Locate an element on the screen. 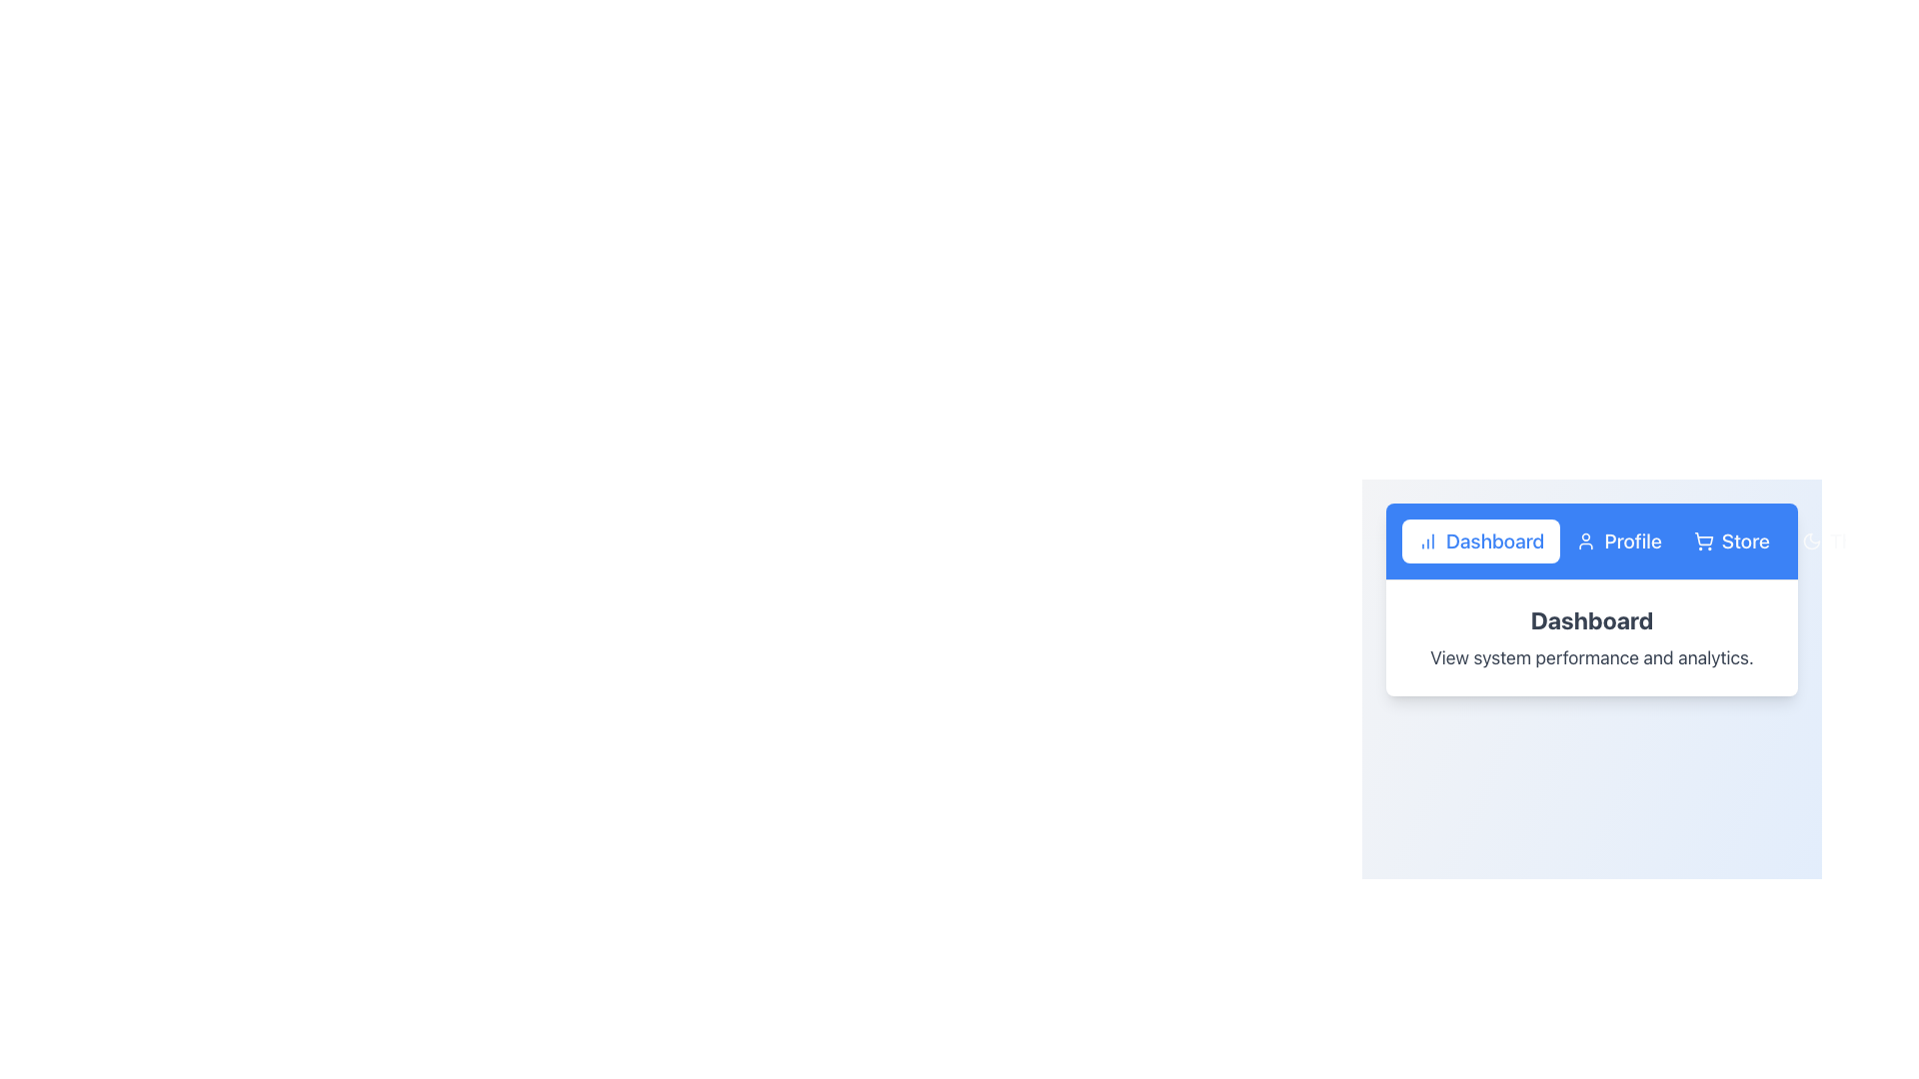 Image resolution: width=1919 pixels, height=1079 pixels. the shopping cart graphic icon located in the 'Store' segment of the horizontal navigation bar at the top of the interface is located at coordinates (1702, 538).